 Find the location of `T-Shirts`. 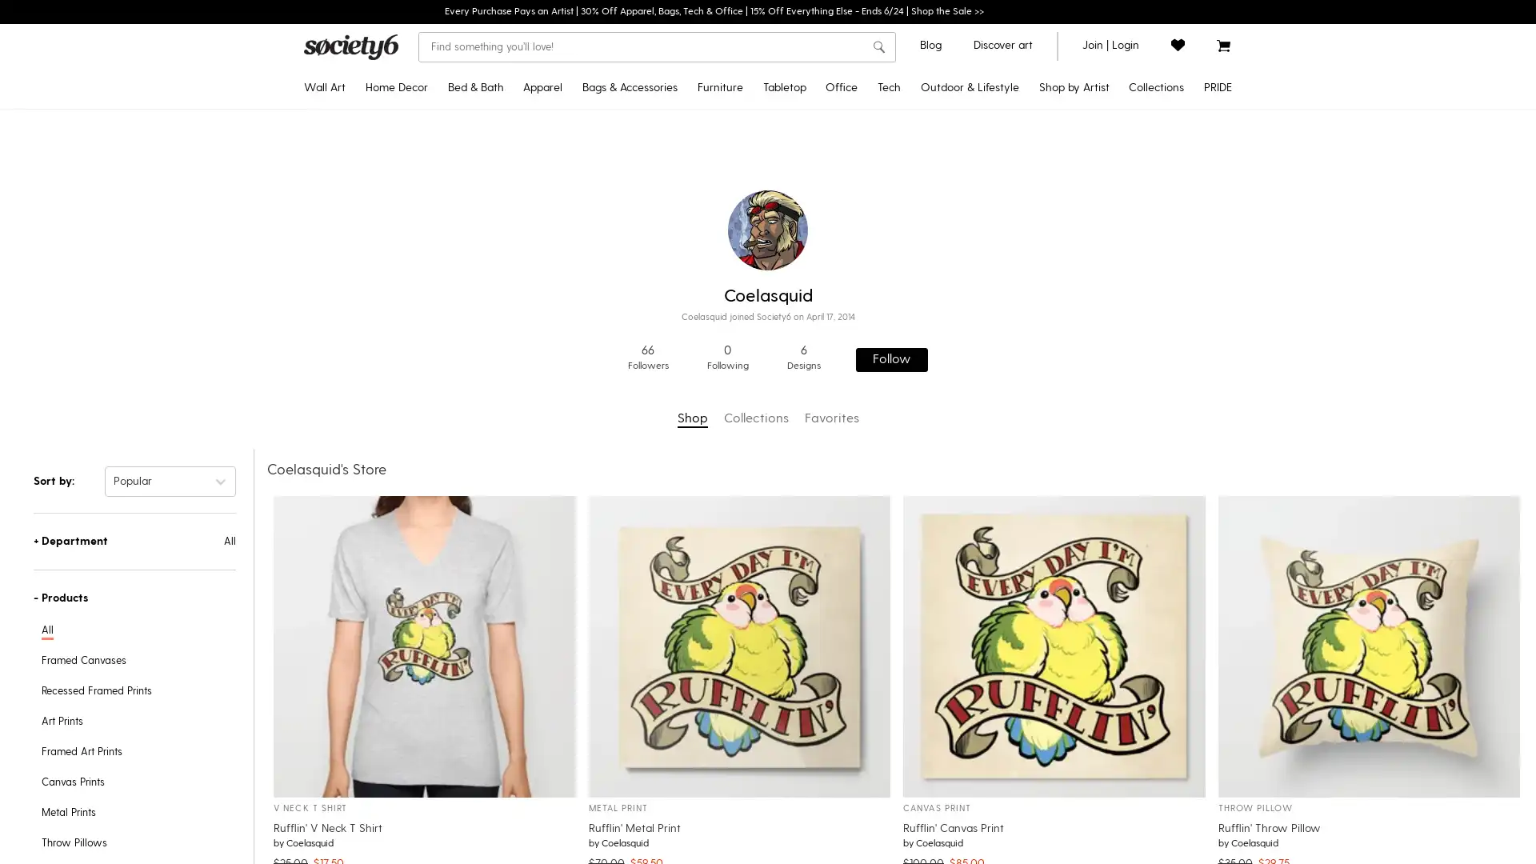

T-Shirts is located at coordinates (593, 128).